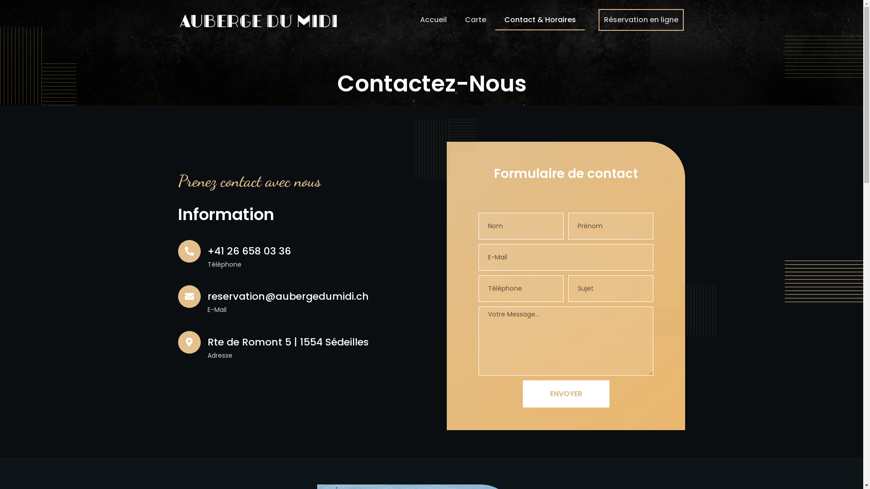  I want to click on '+41 26 658 03 36', so click(207, 251).